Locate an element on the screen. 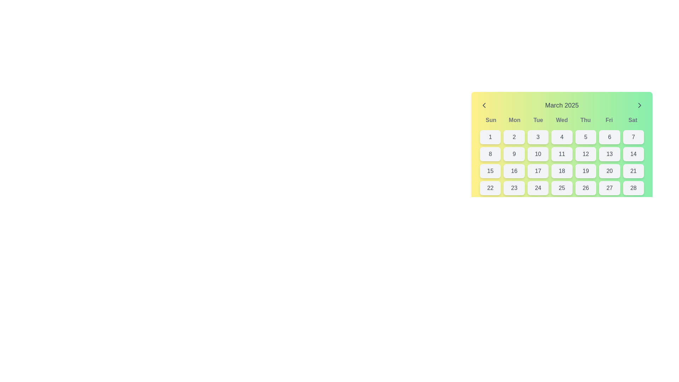 This screenshot has width=679, height=382. the button representing the date '28' in the calendar grid is located at coordinates (633, 188).